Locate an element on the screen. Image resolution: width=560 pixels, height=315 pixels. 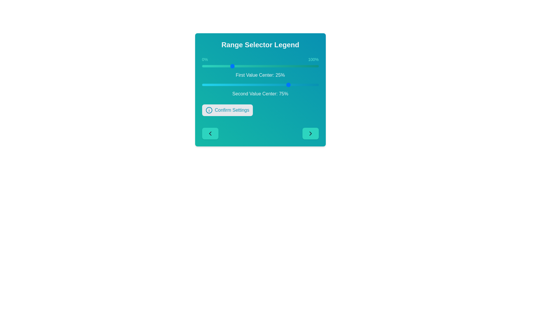
the range slider is located at coordinates (260, 66).